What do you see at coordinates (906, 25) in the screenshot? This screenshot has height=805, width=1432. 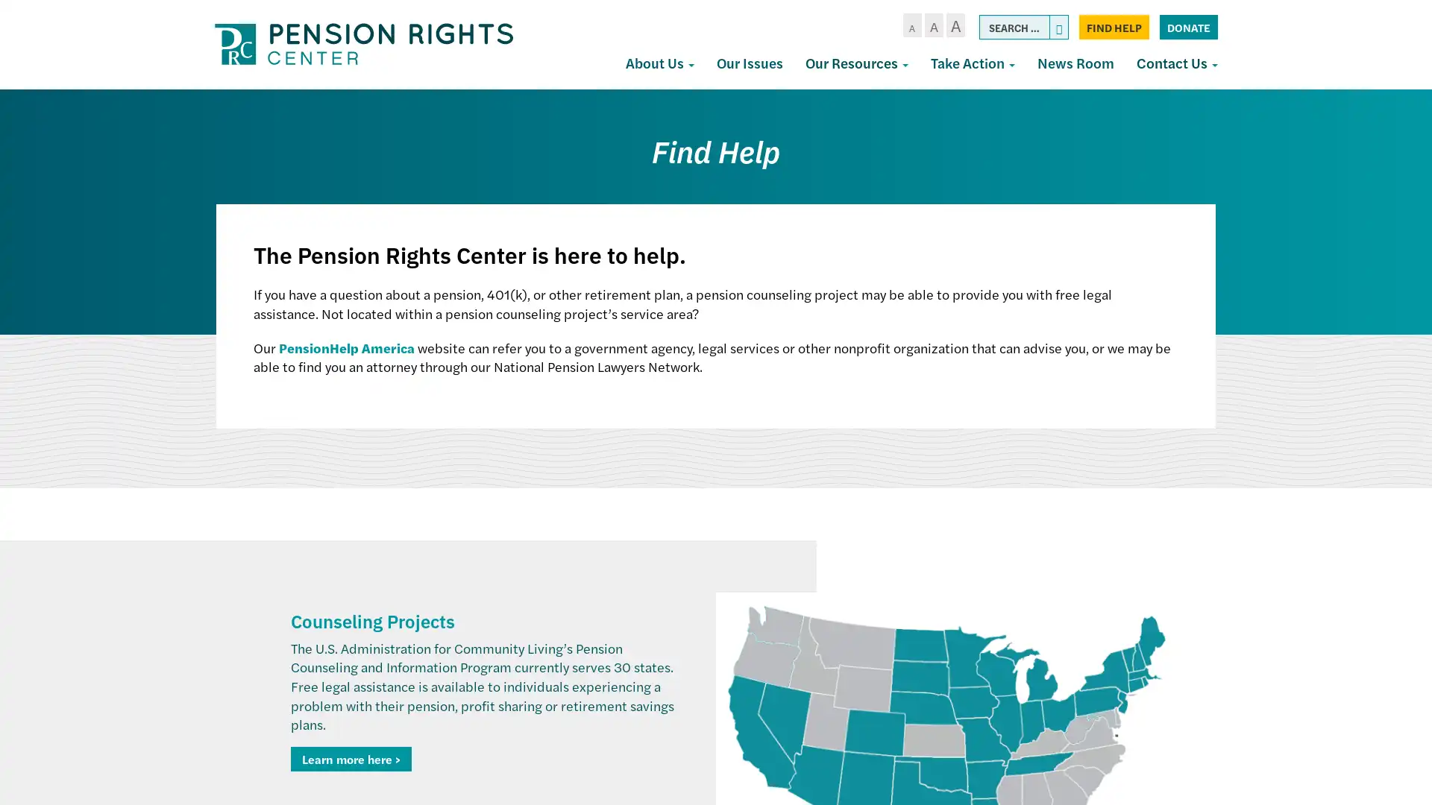 I see `A` at bounding box center [906, 25].